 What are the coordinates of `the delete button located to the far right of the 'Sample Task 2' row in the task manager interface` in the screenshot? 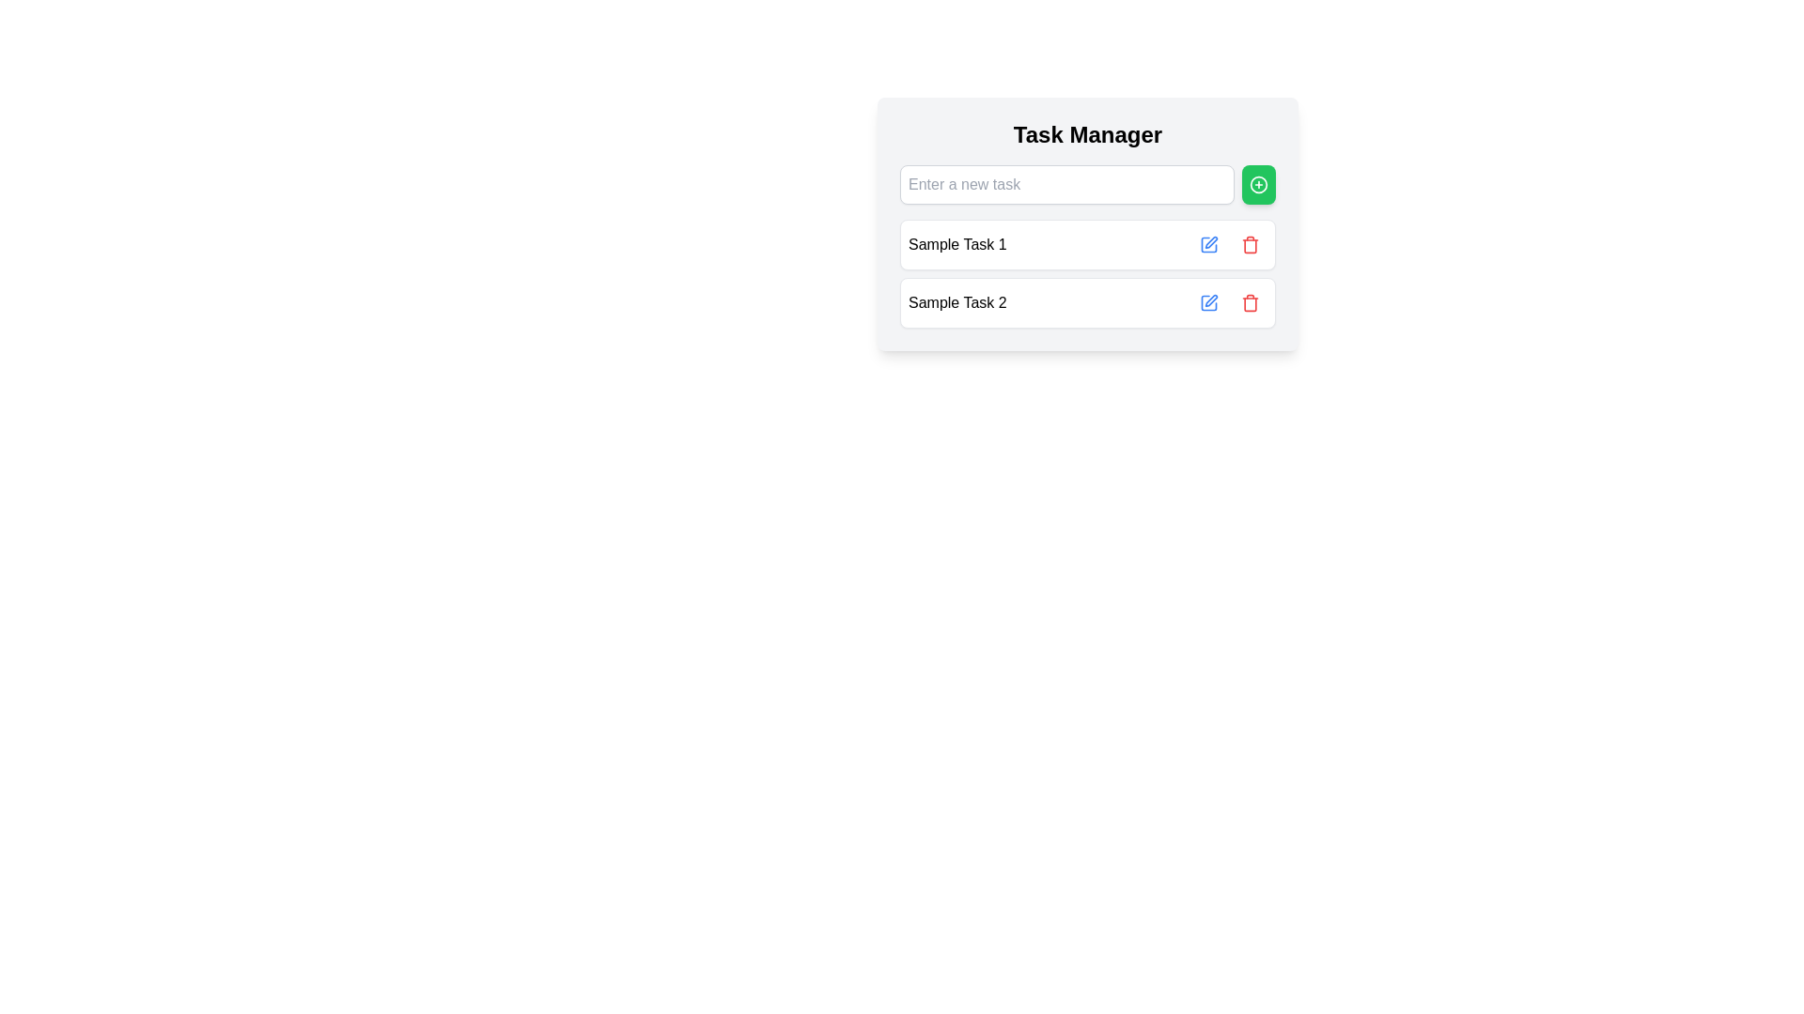 It's located at (1250, 302).